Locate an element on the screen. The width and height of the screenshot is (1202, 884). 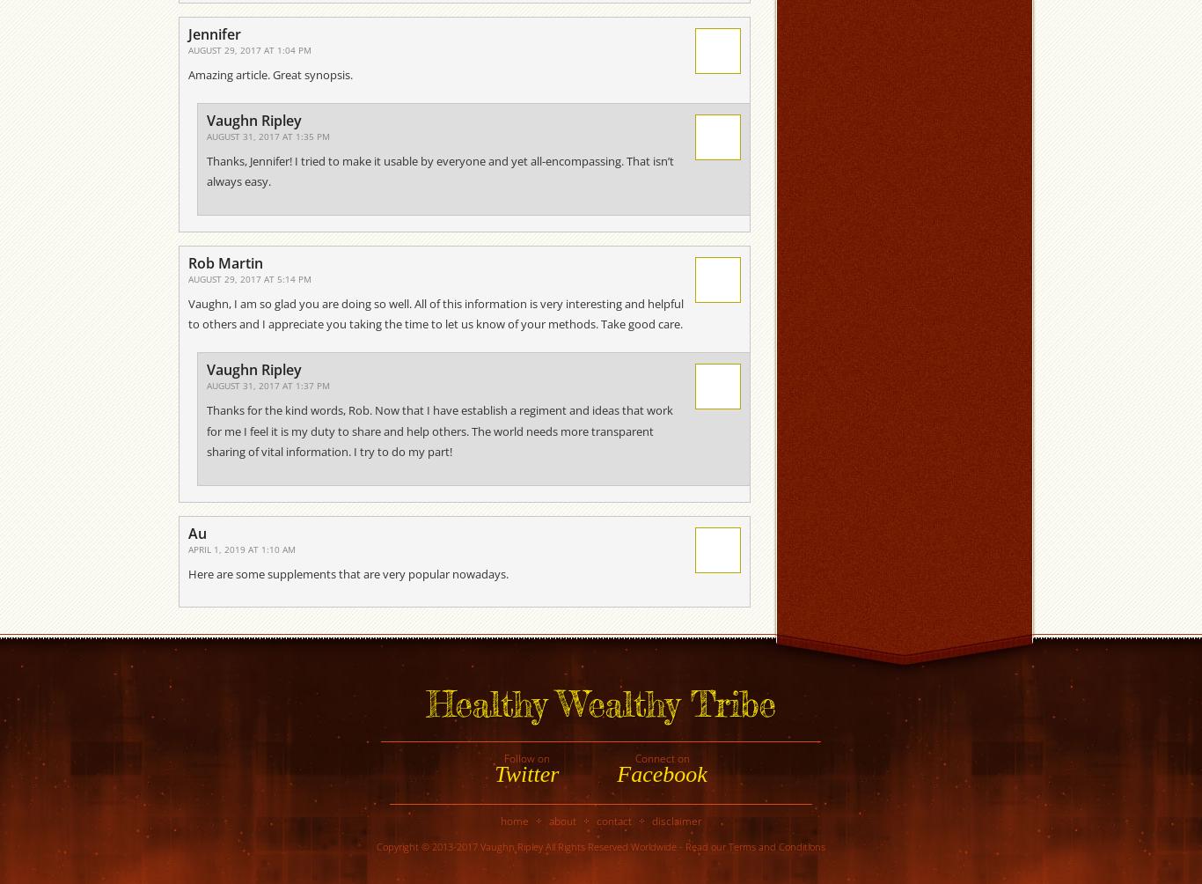
'Facebook' is located at coordinates (661, 773).